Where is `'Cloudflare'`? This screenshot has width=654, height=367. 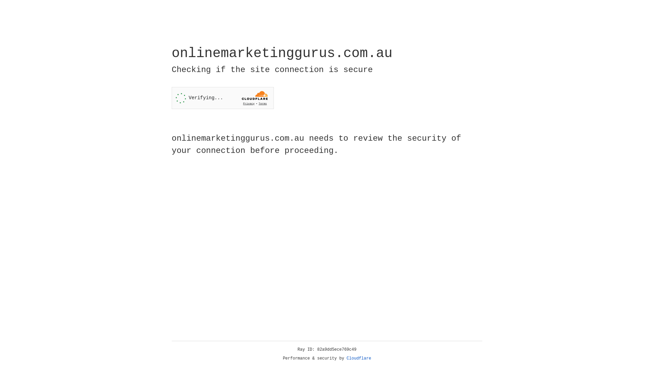 'Cloudflare' is located at coordinates (359, 358).